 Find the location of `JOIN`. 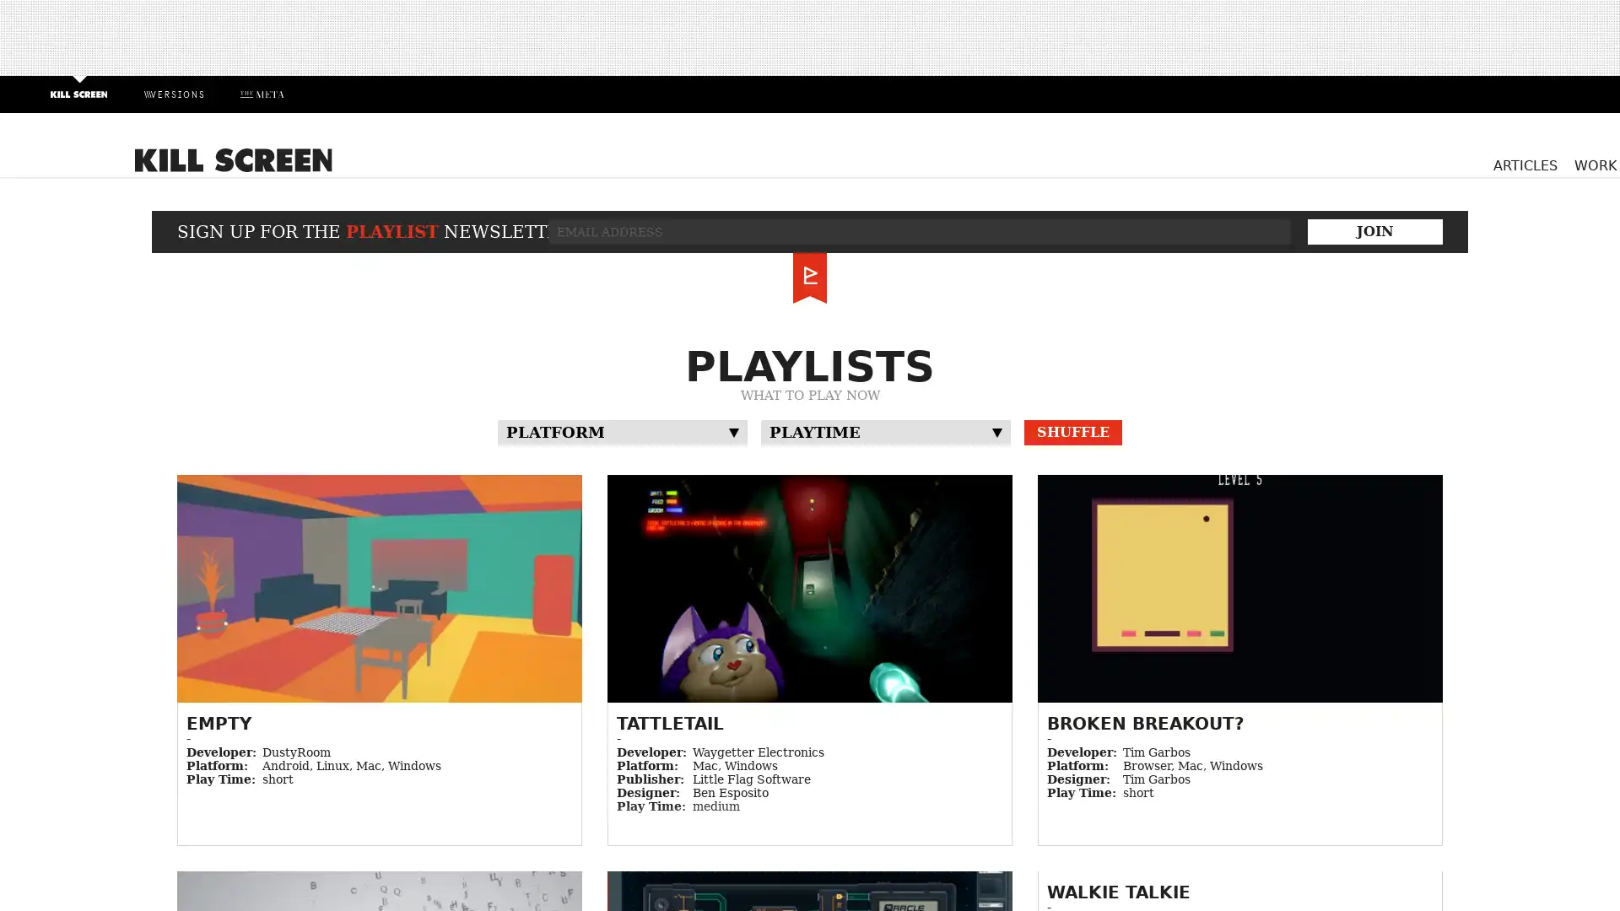

JOIN is located at coordinates (1375, 230).